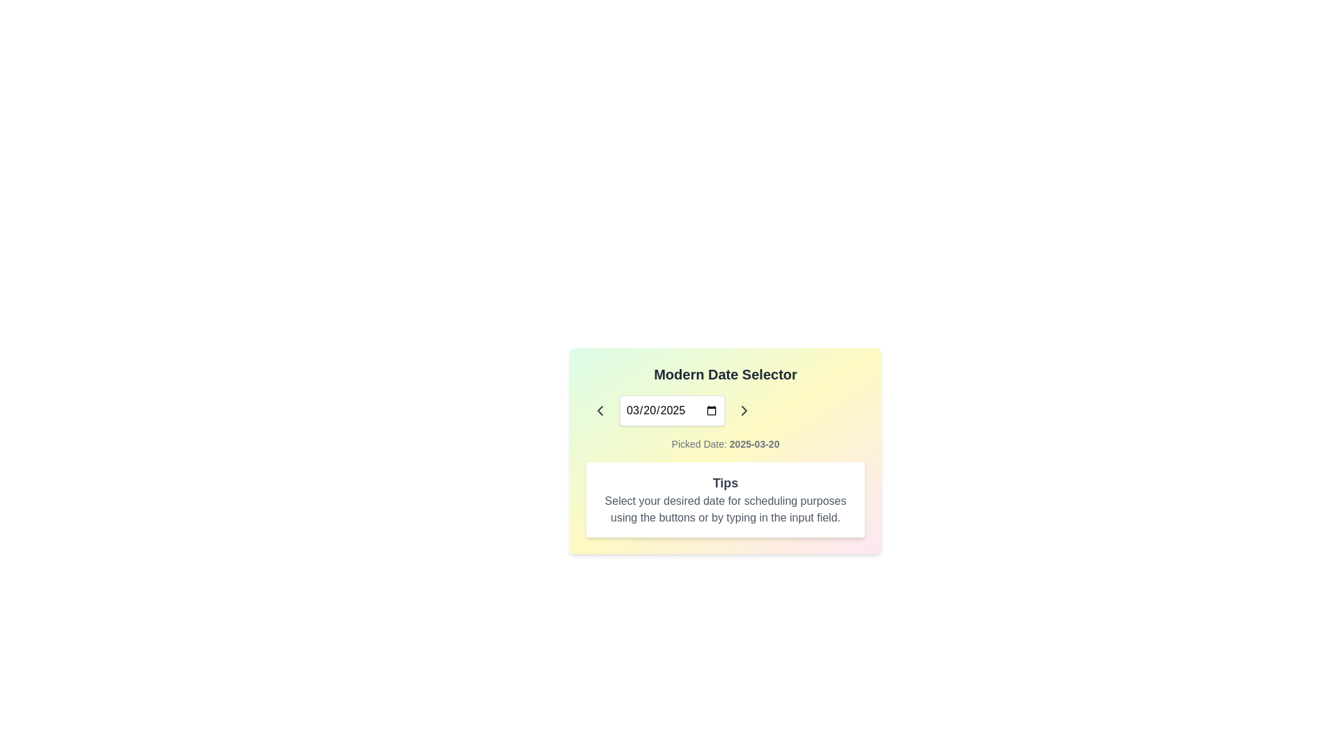  Describe the element at coordinates (600, 410) in the screenshot. I see `the left navigation button for the date selector, which is located to the left of the date input field, to indicate focus` at that location.